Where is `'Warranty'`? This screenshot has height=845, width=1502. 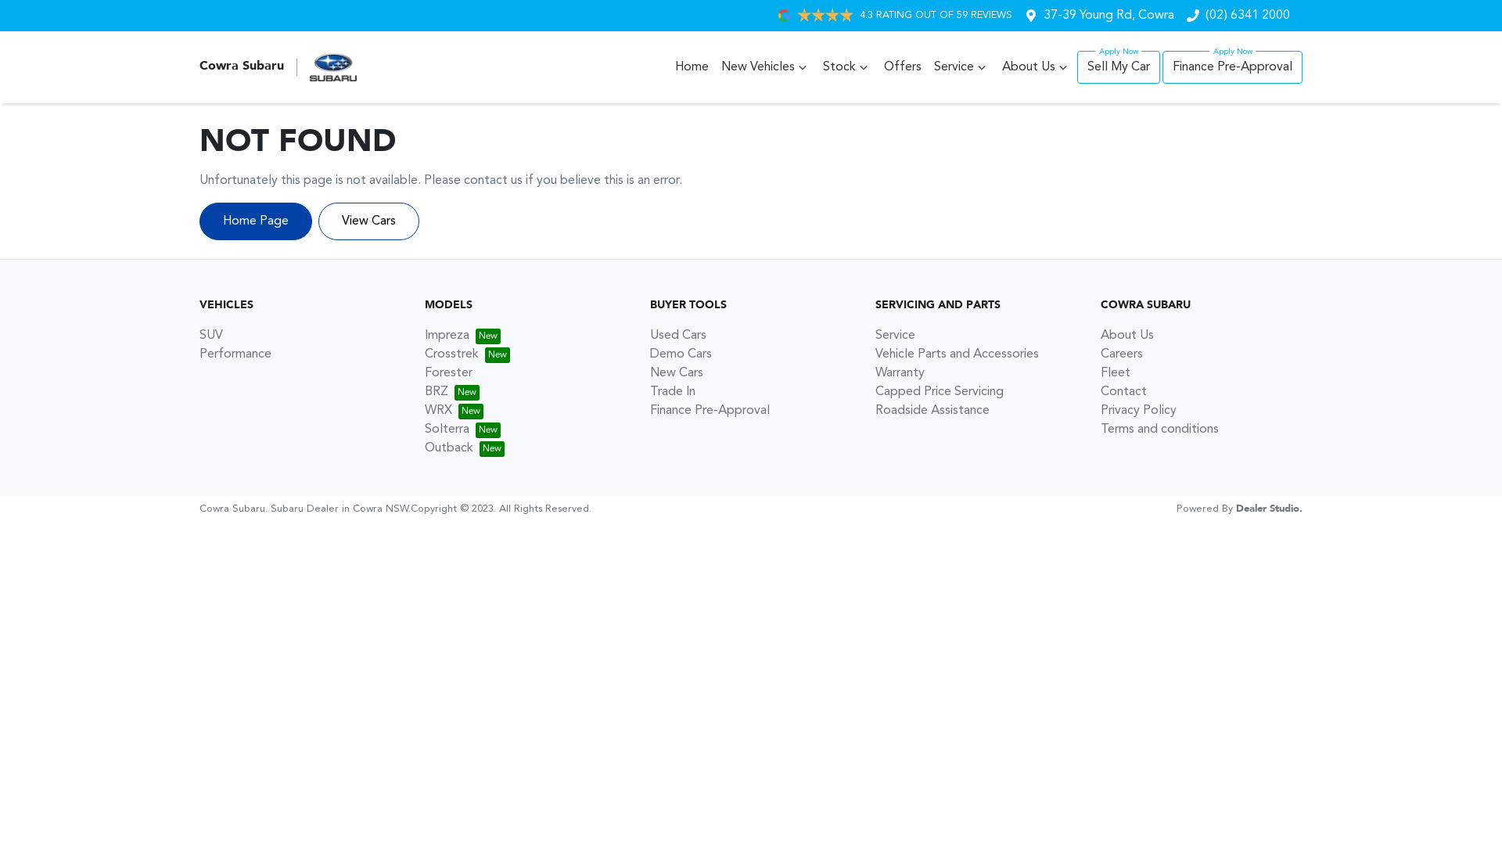
'Warranty' is located at coordinates (900, 373).